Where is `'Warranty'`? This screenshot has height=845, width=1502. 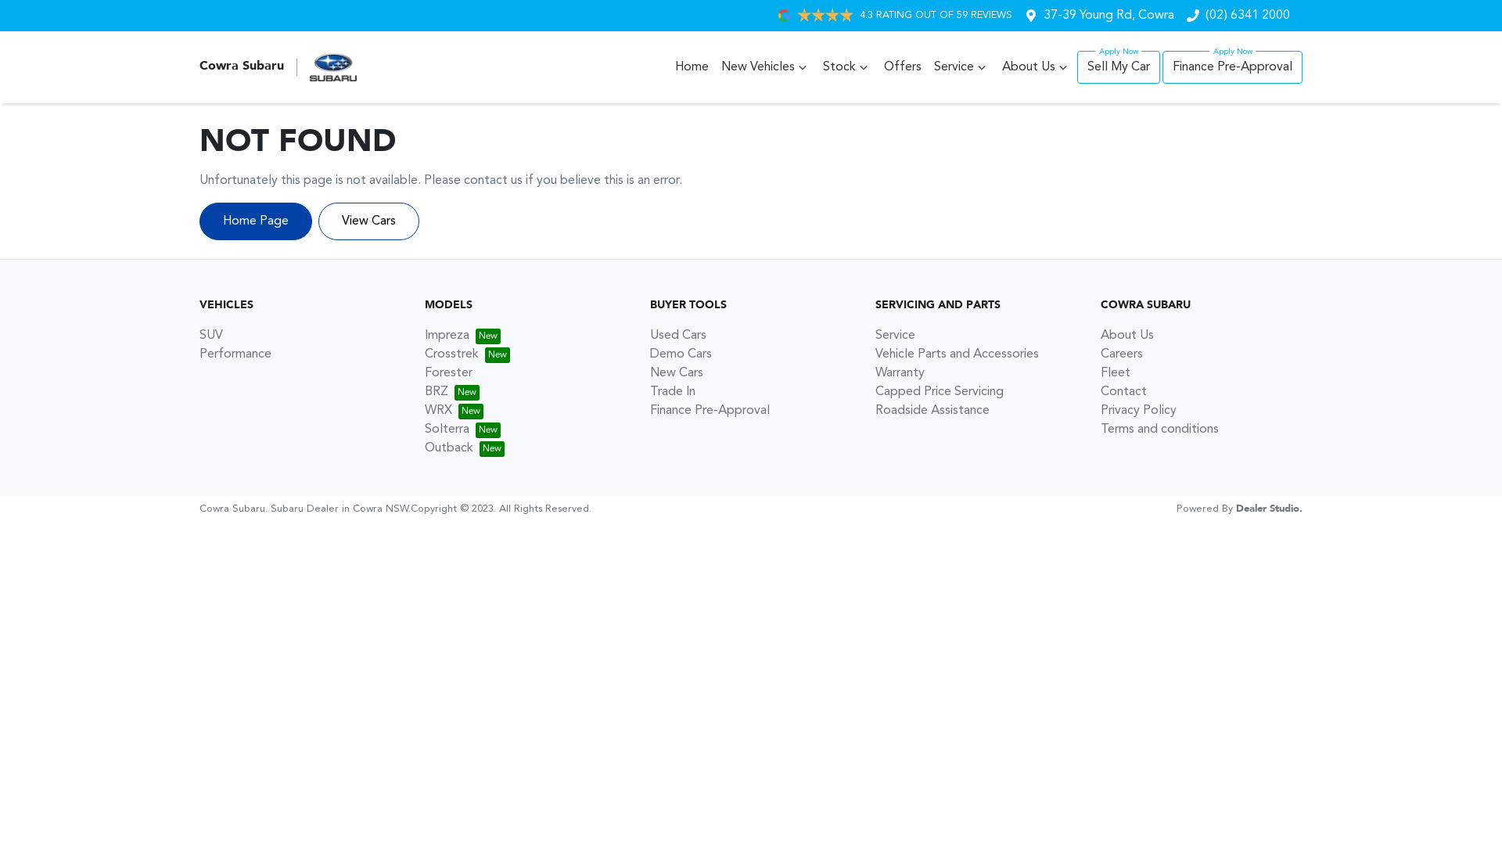
'Warranty' is located at coordinates (900, 373).